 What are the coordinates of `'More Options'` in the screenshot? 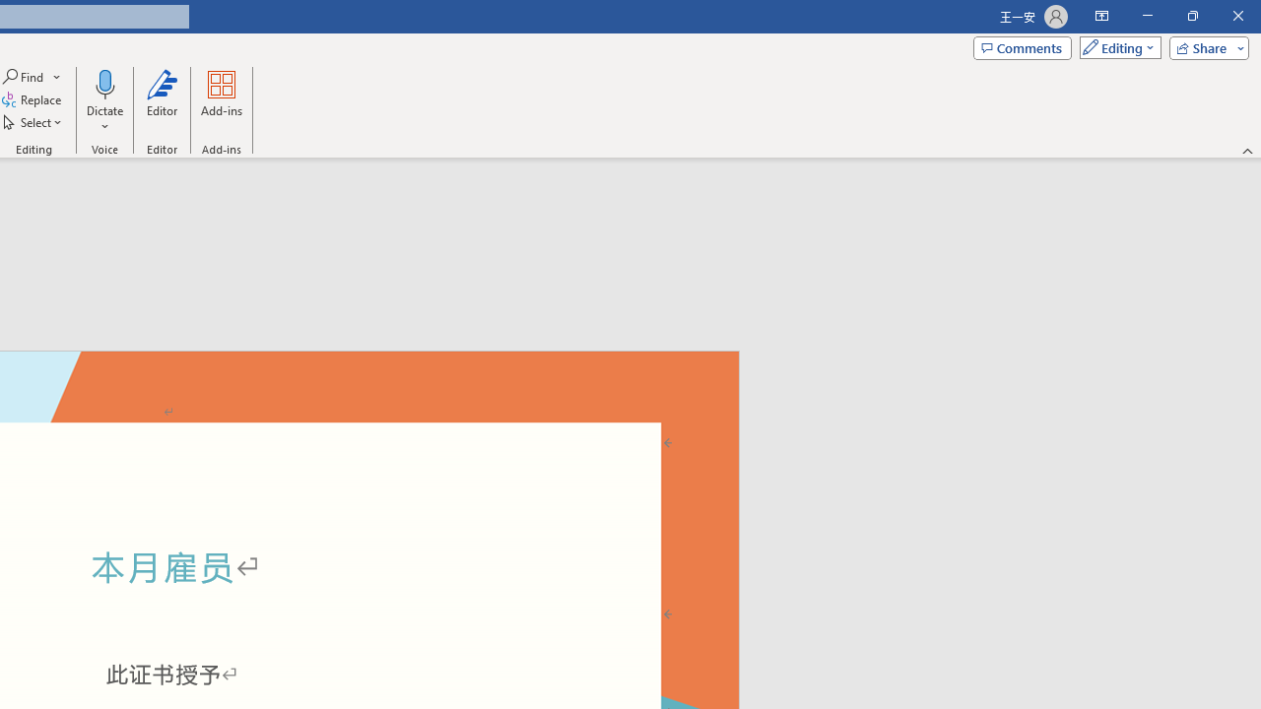 It's located at (103, 119).